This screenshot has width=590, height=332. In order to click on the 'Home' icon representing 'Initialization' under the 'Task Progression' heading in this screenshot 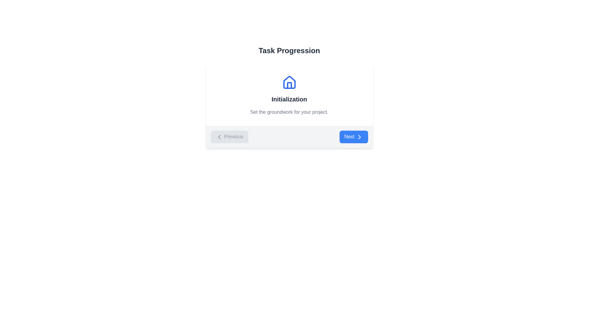, I will do `click(289, 82)`.